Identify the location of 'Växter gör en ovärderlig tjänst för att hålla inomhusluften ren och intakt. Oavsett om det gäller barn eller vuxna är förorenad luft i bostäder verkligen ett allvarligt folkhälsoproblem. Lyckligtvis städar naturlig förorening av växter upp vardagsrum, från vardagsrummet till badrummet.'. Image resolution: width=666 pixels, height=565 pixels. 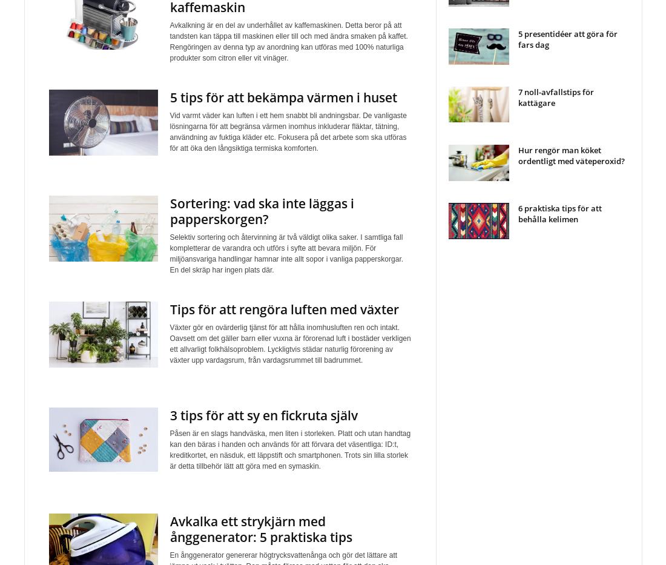
(289, 343).